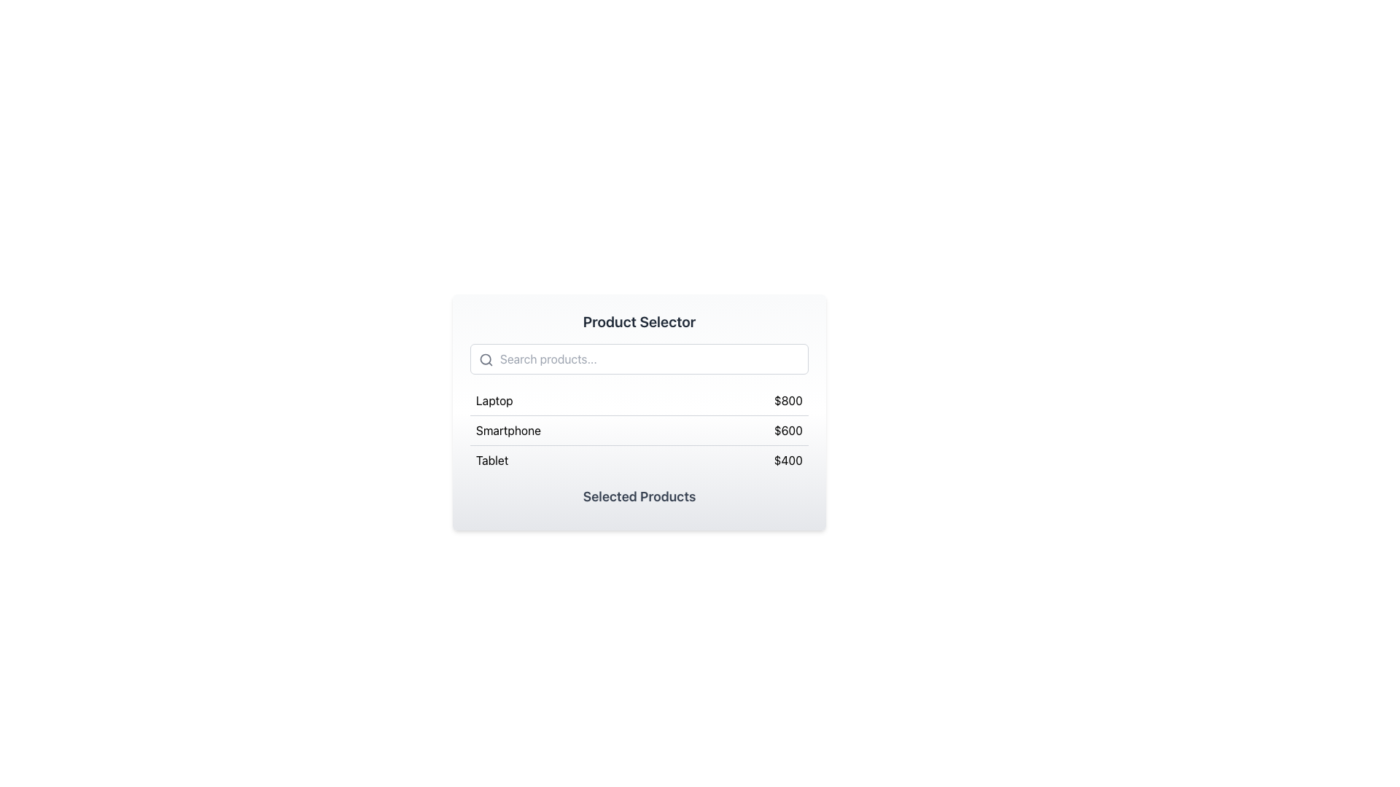 The height and width of the screenshot is (787, 1400). I want to click on the first list item labeled 'Laptop' with the price '$800' in the 'Product Selector' panel, so click(639, 401).